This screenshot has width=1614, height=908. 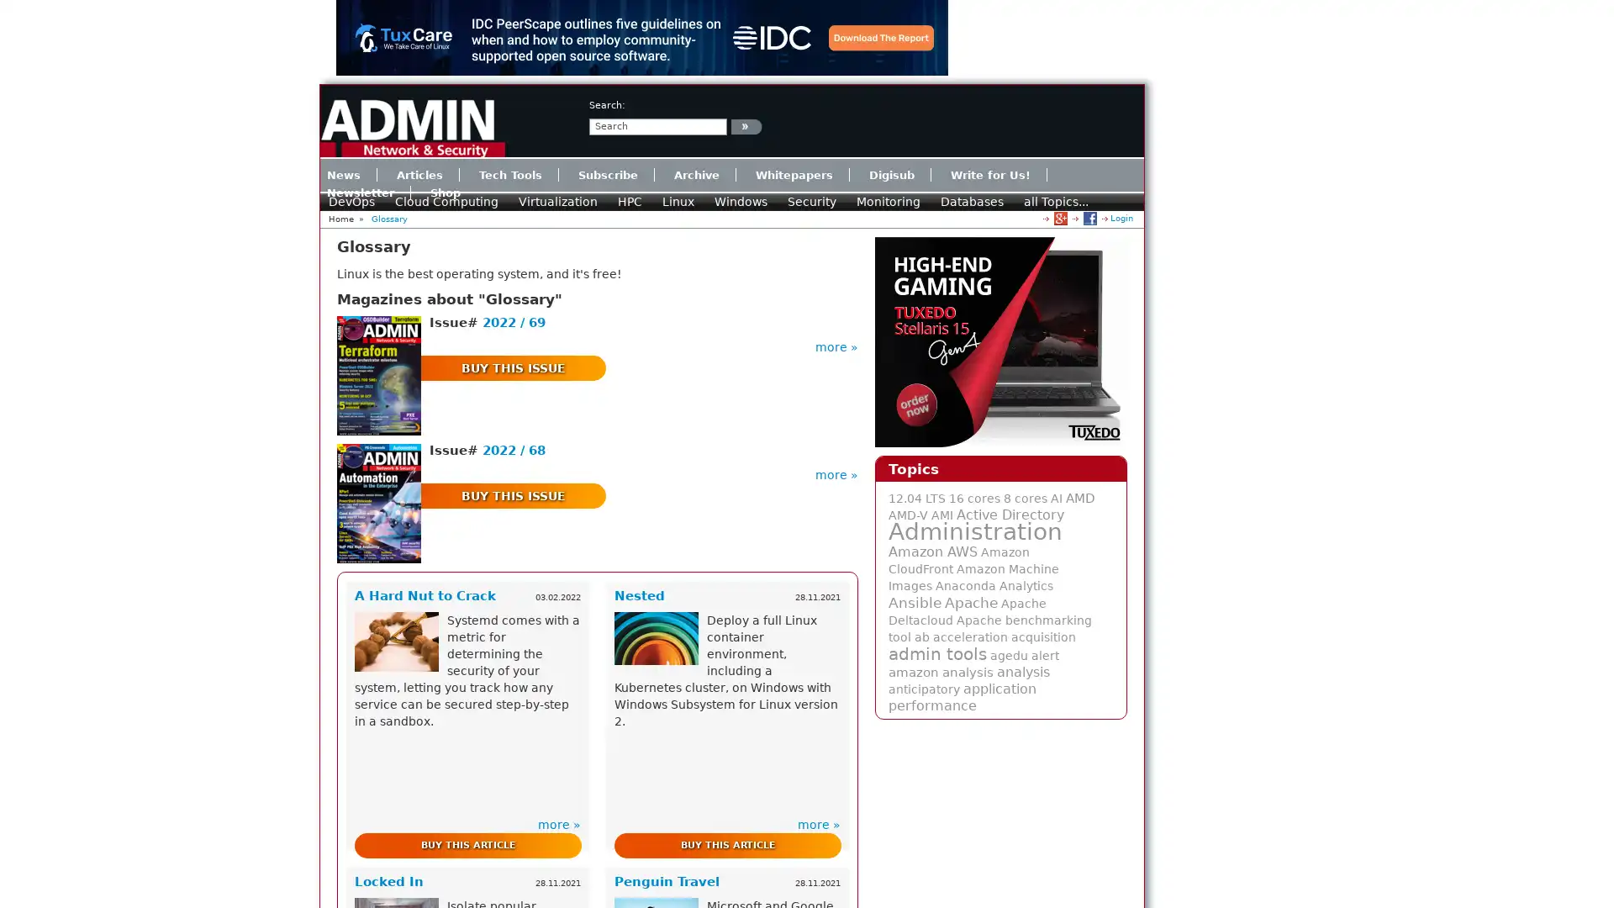 What do you see at coordinates (746, 125) in the screenshot?
I see `search:` at bounding box center [746, 125].